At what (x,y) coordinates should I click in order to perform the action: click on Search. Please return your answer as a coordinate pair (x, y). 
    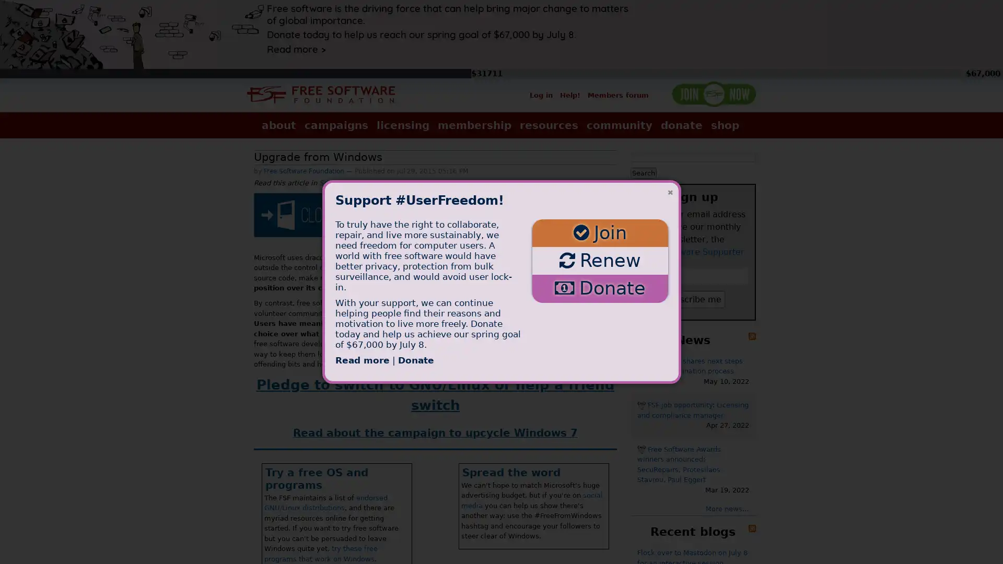
    Looking at the image, I should click on (643, 172).